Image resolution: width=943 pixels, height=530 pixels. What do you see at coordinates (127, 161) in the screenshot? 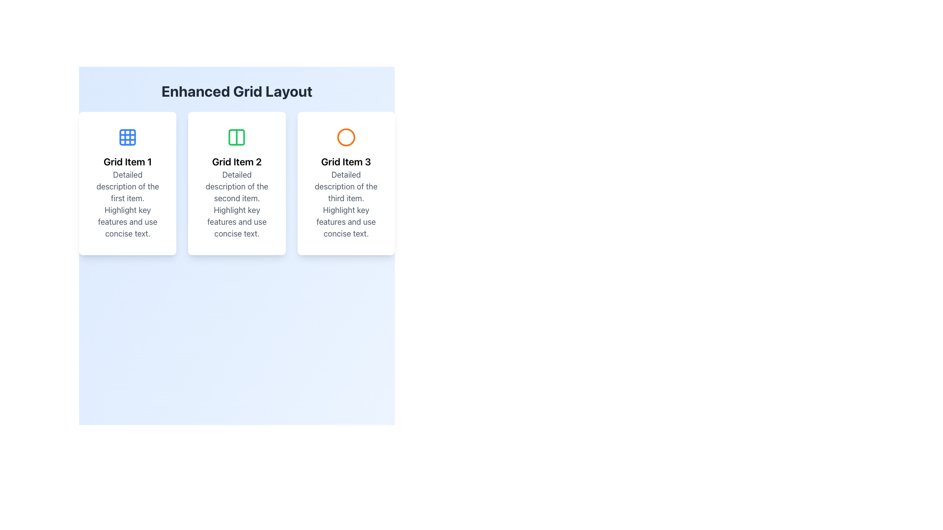
I see `the header text element that serves as the title for the first card in the grid layout, positioned below an icon and above descriptive text` at bounding box center [127, 161].